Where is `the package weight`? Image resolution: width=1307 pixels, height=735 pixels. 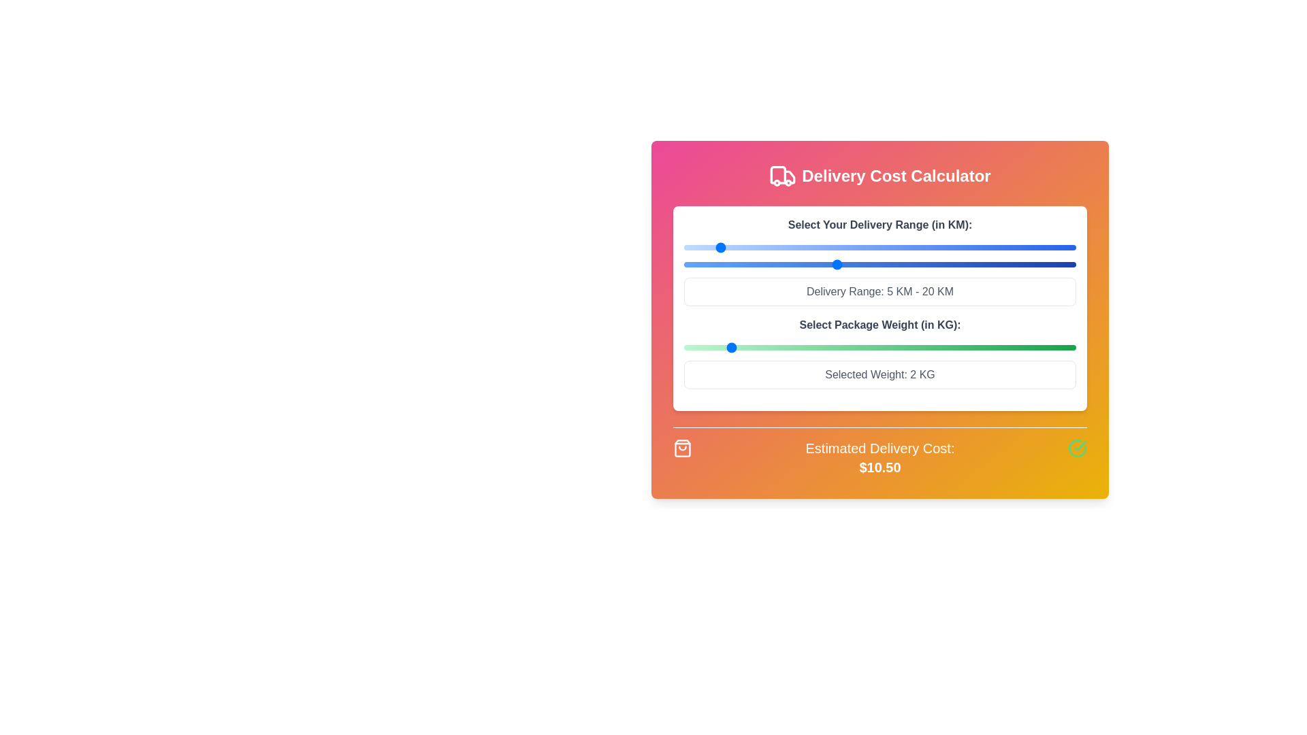
the package weight is located at coordinates (771, 346).